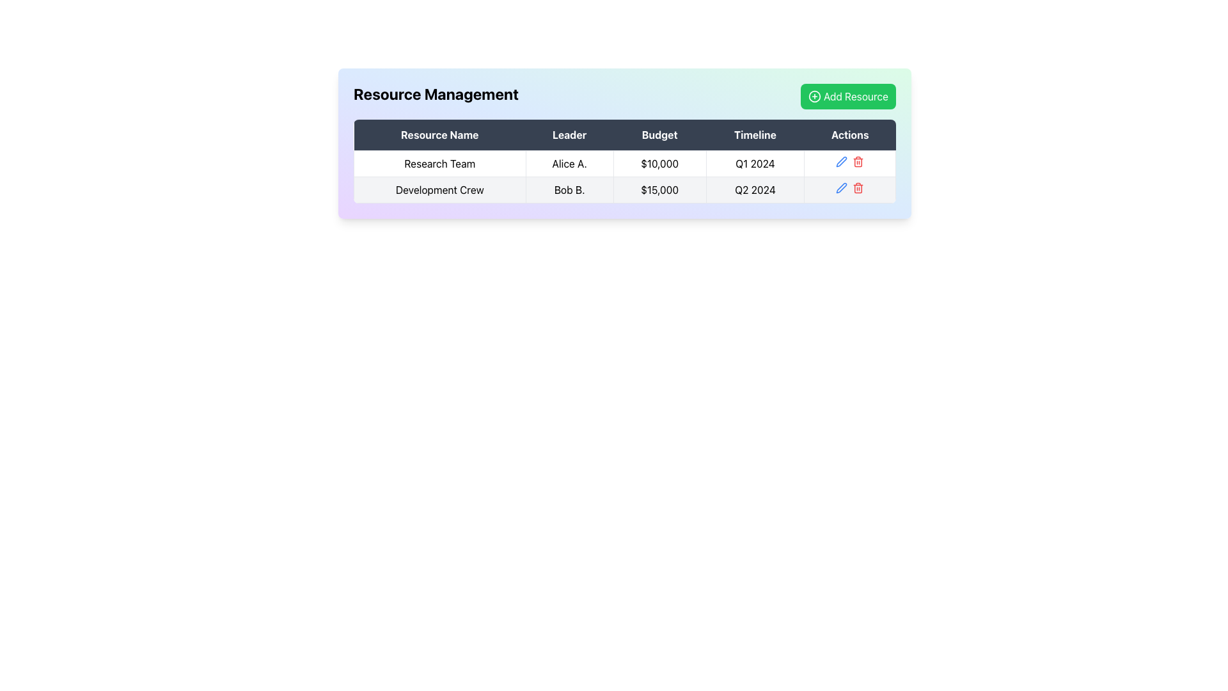 The height and width of the screenshot is (691, 1228). I want to click on the 'Leader' table header to sort the column it represents, so click(569, 135).